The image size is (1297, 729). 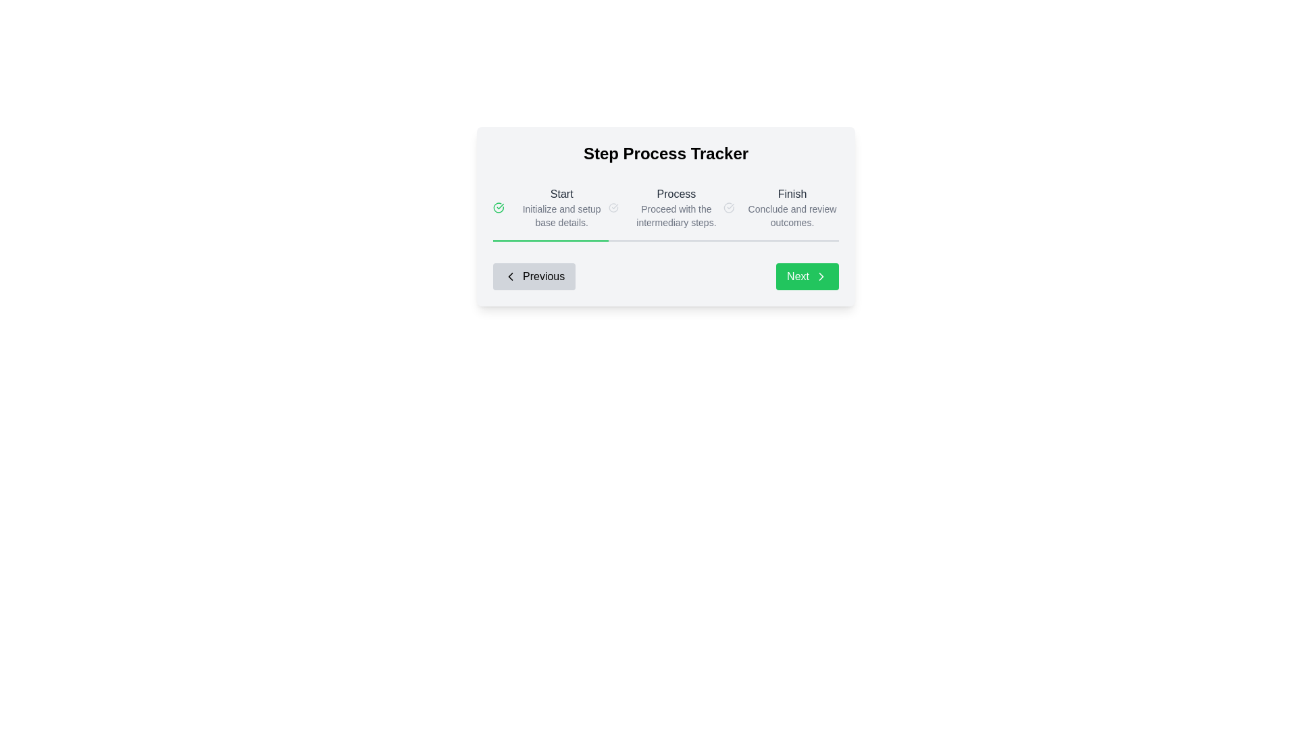 I want to click on the chevron arrow icon indicating the 'Previous' button located in the bottom left section of the step tracker interface, so click(x=509, y=275).